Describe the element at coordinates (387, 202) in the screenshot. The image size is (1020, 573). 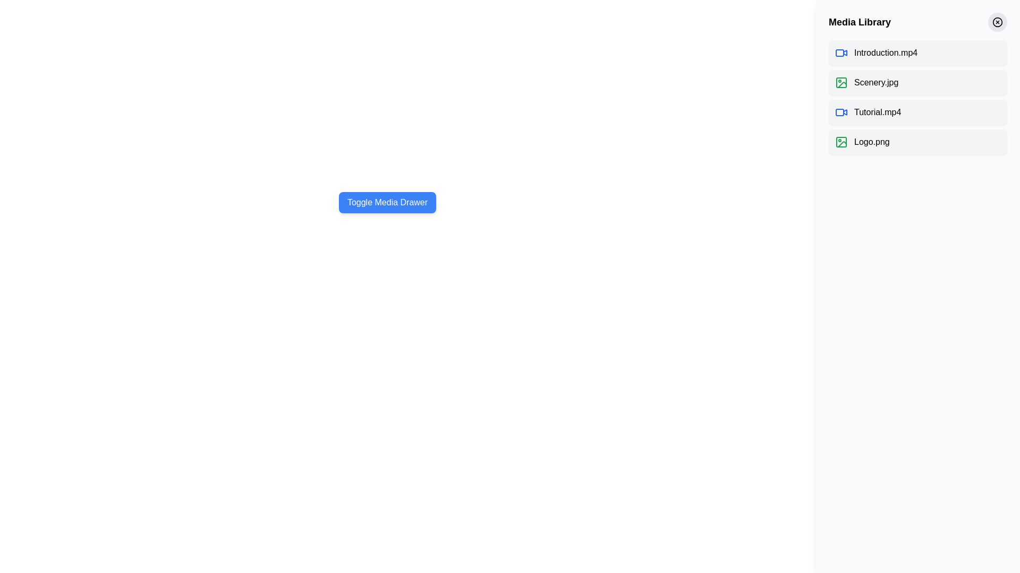
I see `the 'Toggle Media Drawer' button, which is styled in blue with white text and has rounded corners` at that location.